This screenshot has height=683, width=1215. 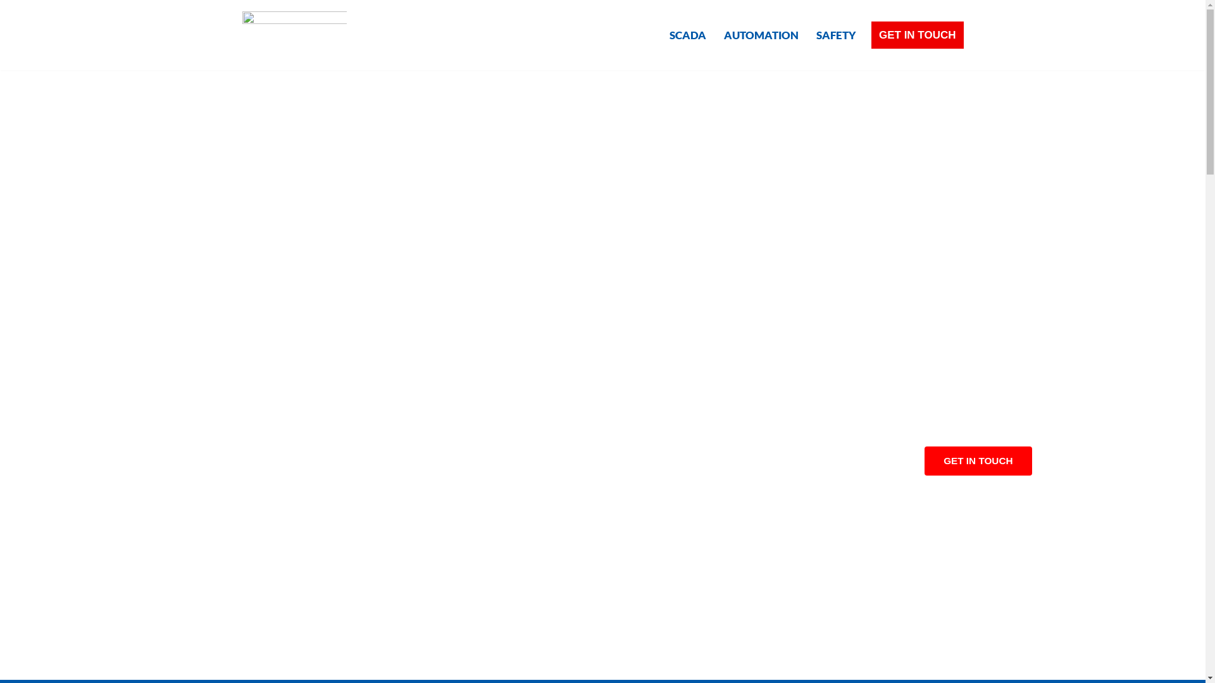 What do you see at coordinates (9, 27) in the screenshot?
I see `'Skip to content'` at bounding box center [9, 27].